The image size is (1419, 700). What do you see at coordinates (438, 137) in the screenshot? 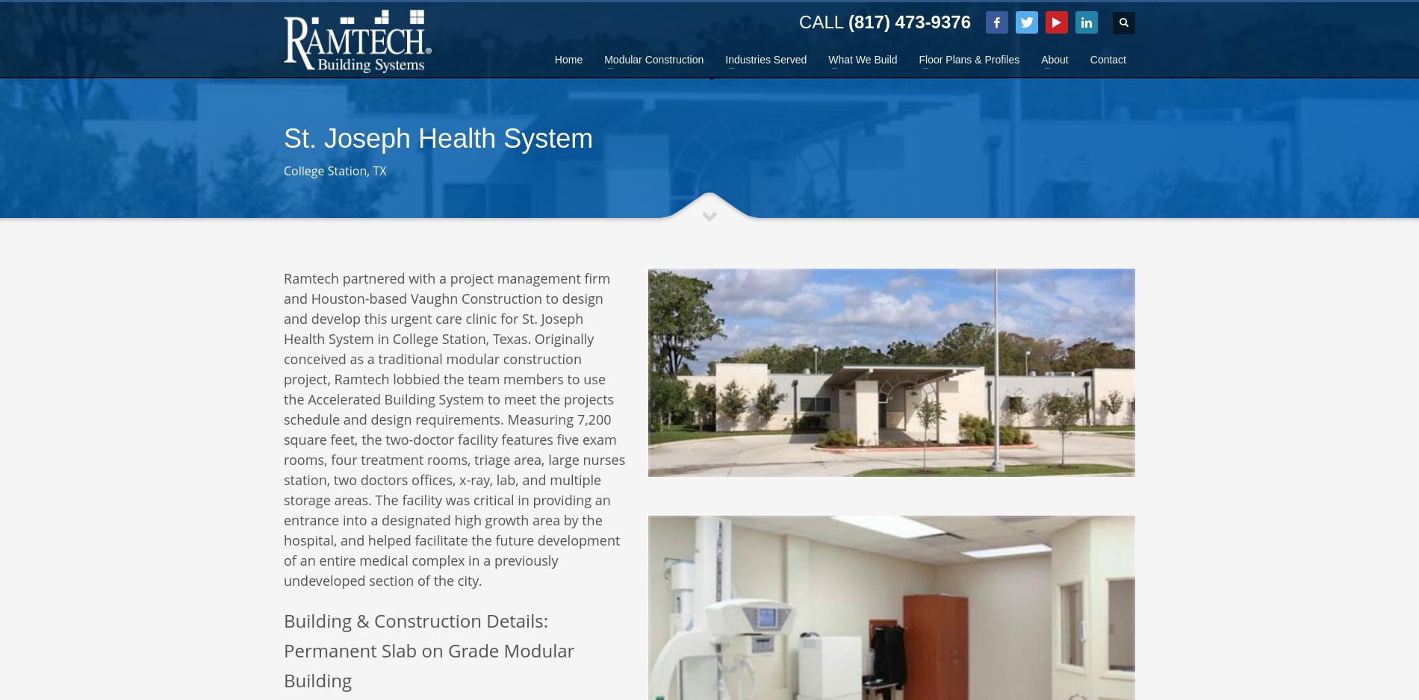
I see `'St. Joseph Health System'` at bounding box center [438, 137].